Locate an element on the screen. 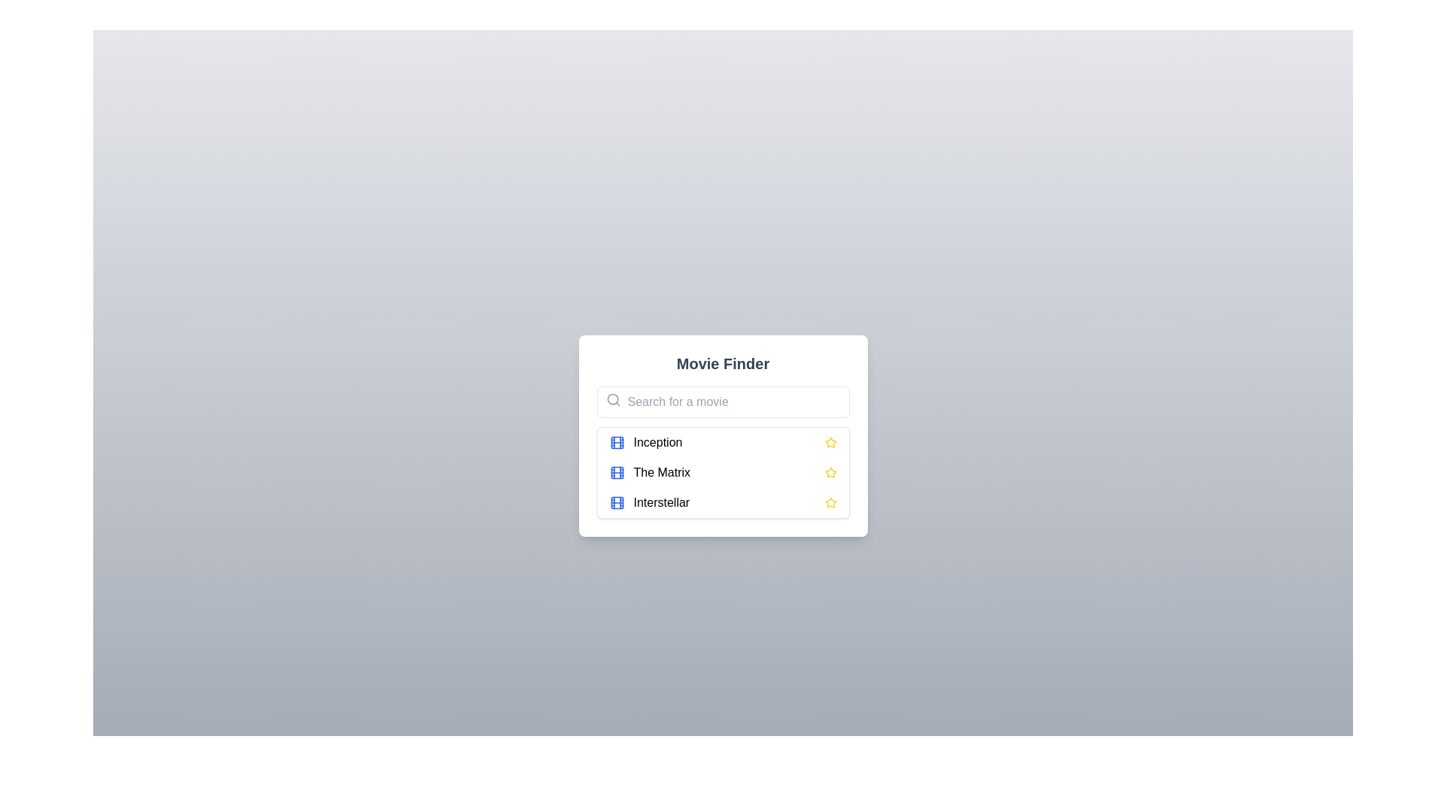 The width and height of the screenshot is (1444, 812). the blue film reel icon located to the left of the 'Interstellar' text is located at coordinates (617, 502).